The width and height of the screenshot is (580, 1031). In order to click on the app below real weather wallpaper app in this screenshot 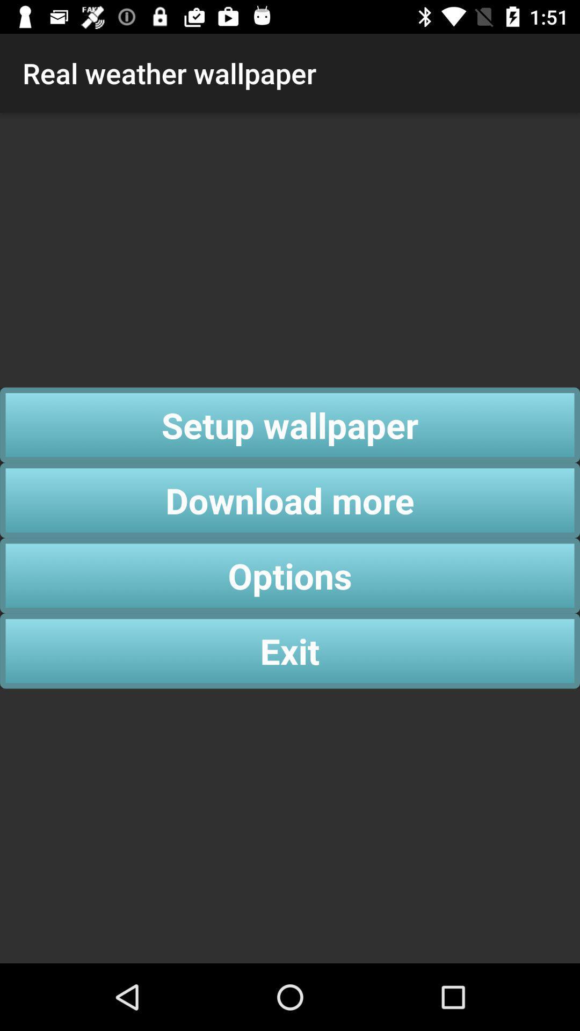, I will do `click(290, 424)`.